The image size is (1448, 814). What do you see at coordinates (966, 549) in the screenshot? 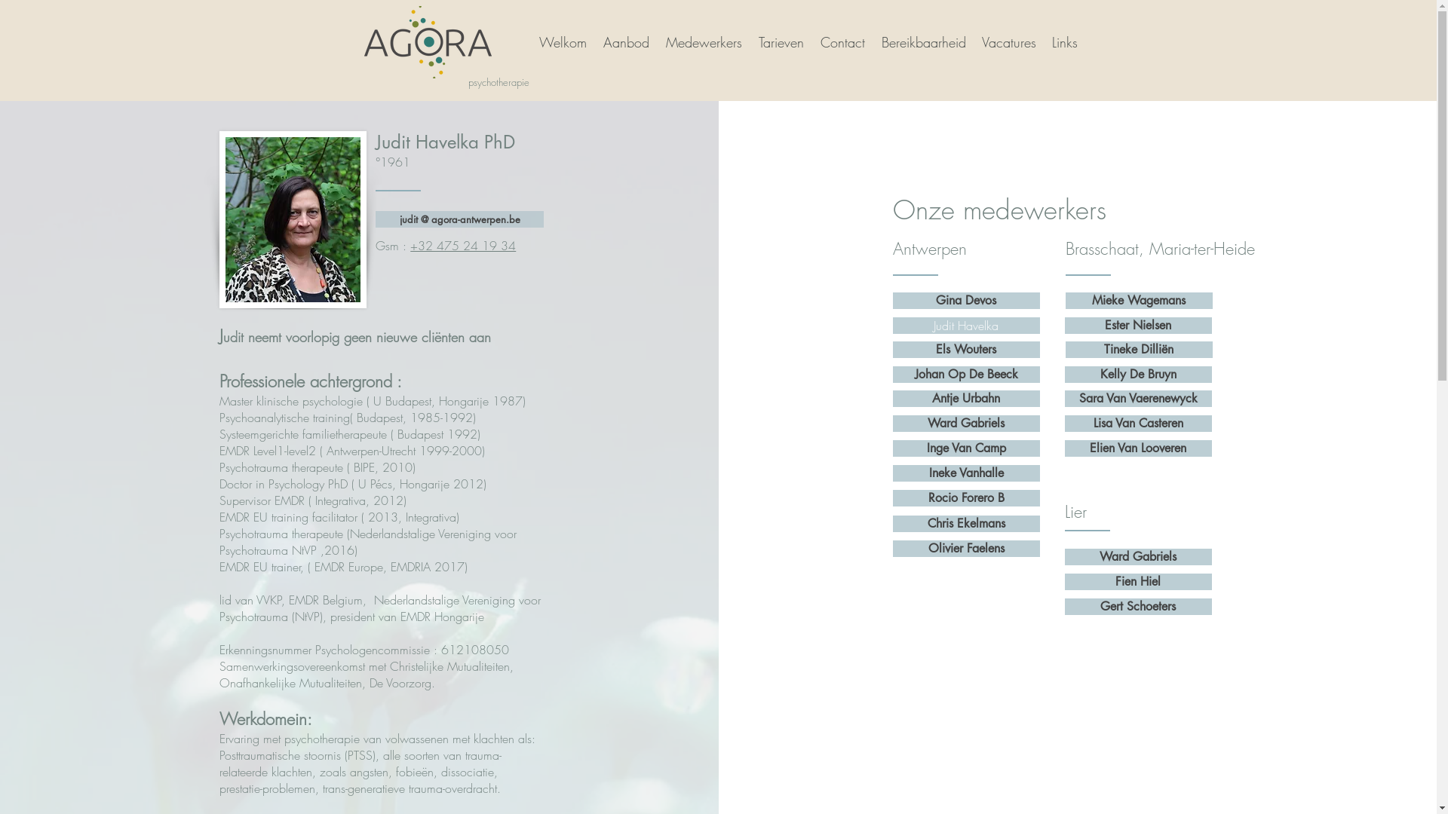
I see `'Olivier Faelens'` at bounding box center [966, 549].